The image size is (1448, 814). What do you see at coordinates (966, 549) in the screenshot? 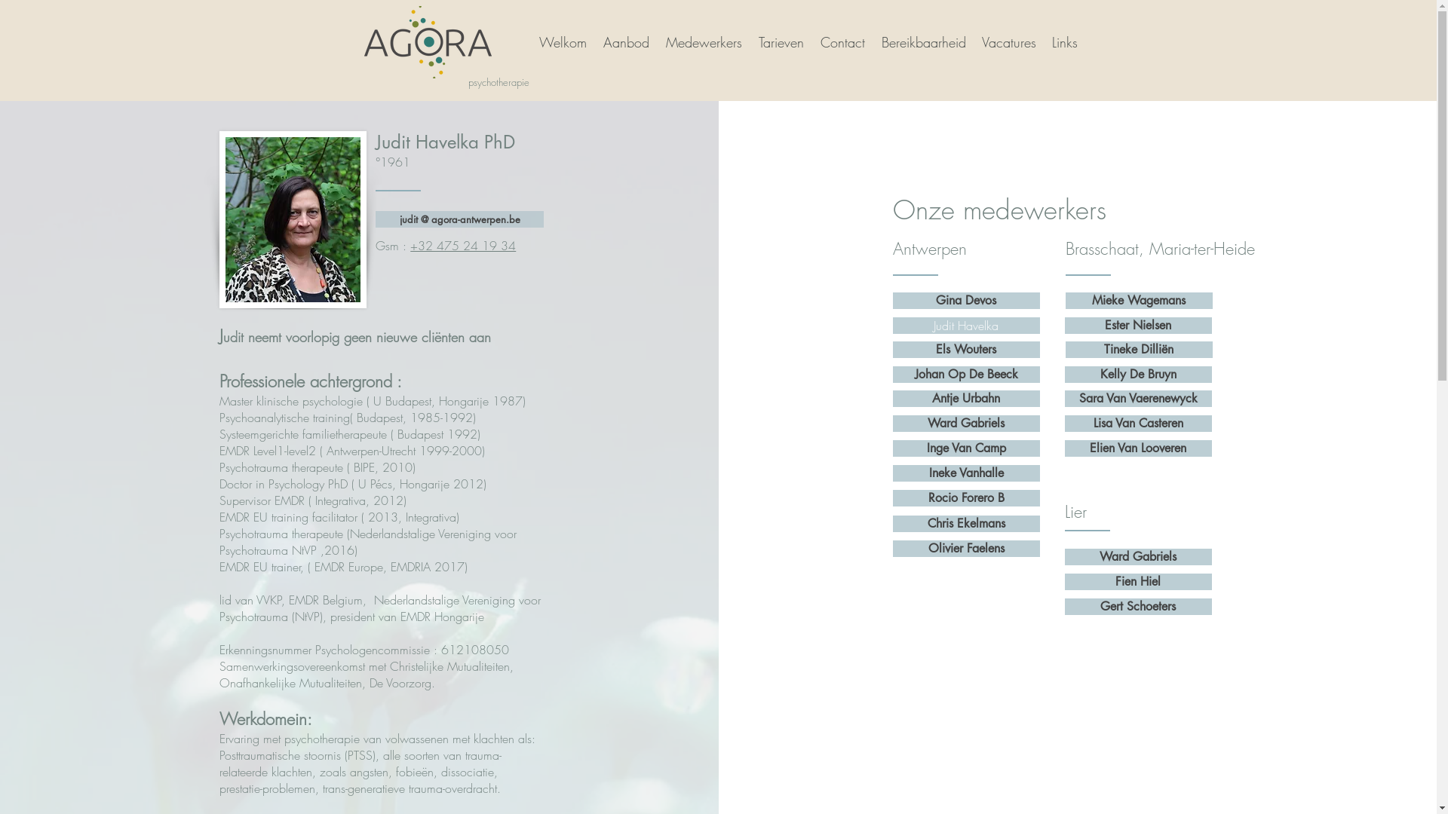
I see `'Olivier Faelens'` at bounding box center [966, 549].